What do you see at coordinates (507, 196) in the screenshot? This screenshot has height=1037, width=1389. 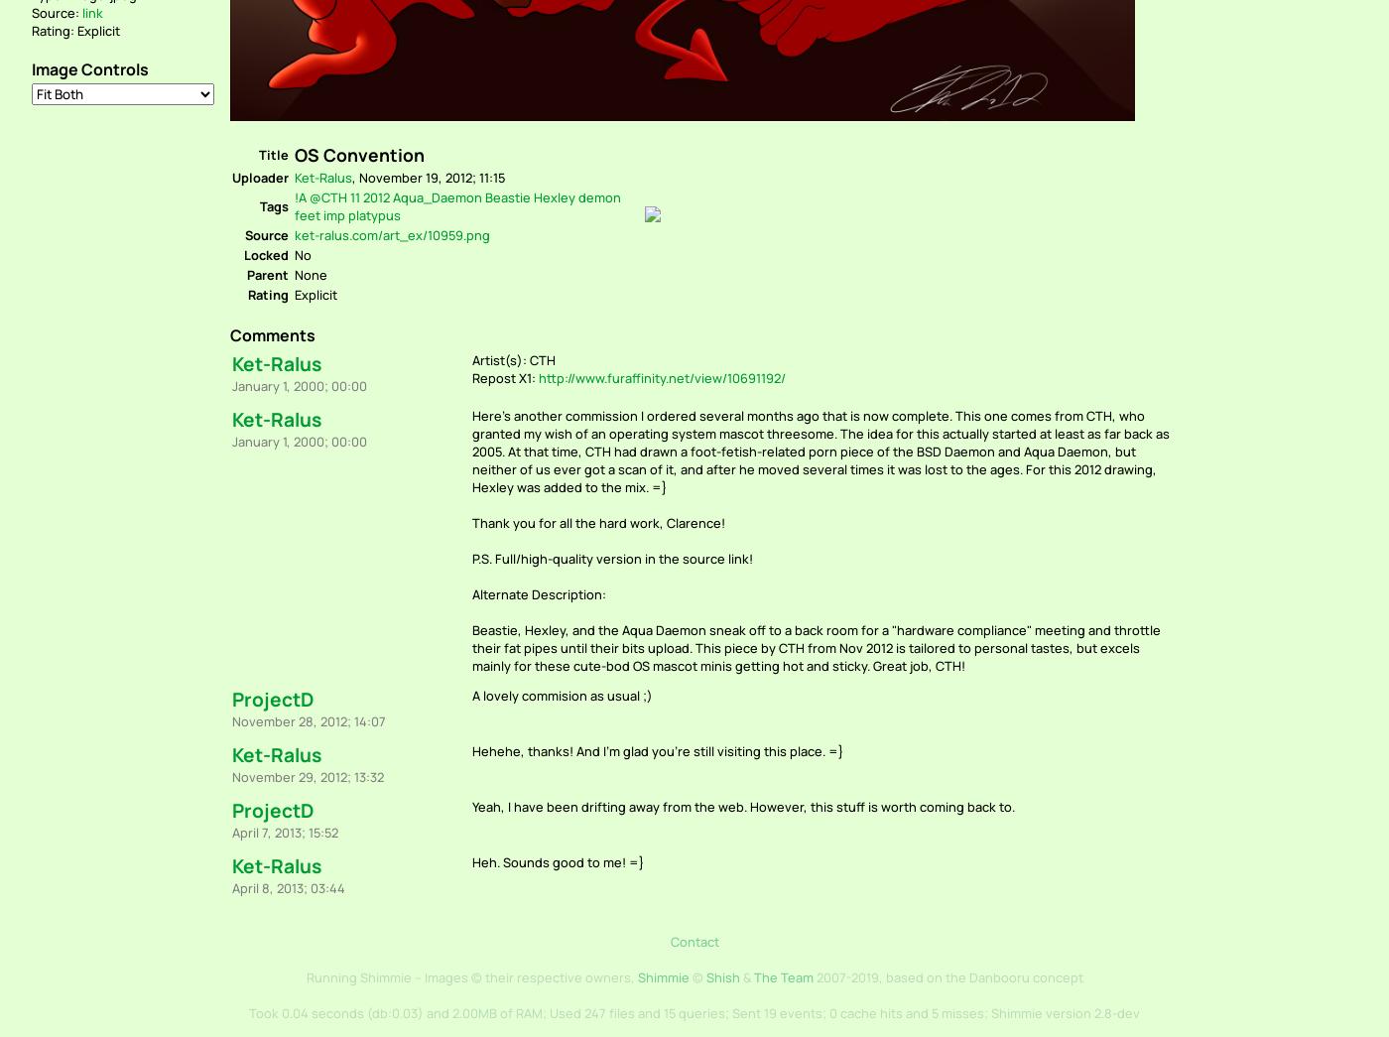 I see `'Beastie'` at bounding box center [507, 196].